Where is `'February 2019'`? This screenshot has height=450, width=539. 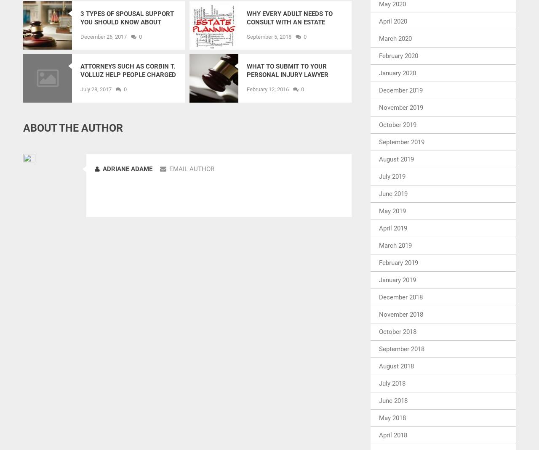
'February 2019' is located at coordinates (398, 262).